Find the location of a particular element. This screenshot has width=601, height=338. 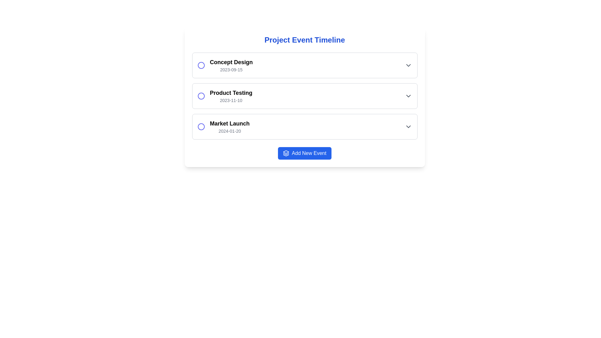

the text label displaying the date '2024-01-20', which is located beneath the 'Market Launch' heading in the event timeline list is located at coordinates (229, 131).